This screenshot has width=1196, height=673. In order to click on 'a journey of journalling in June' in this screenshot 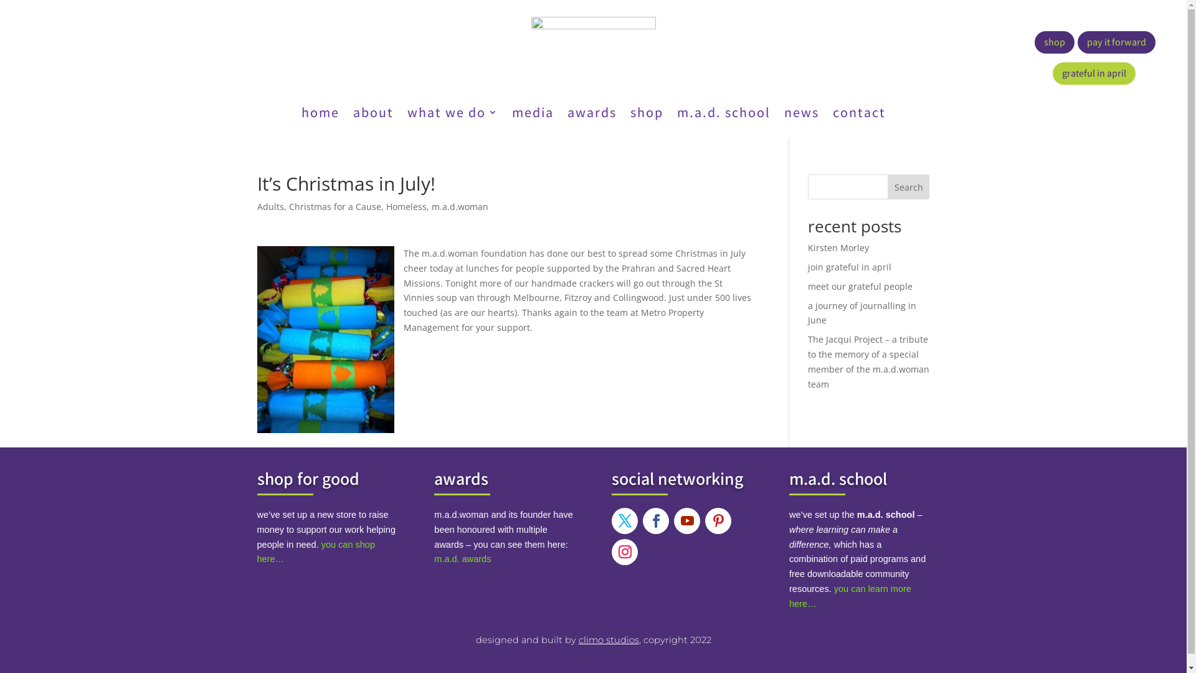, I will do `click(861, 312)`.